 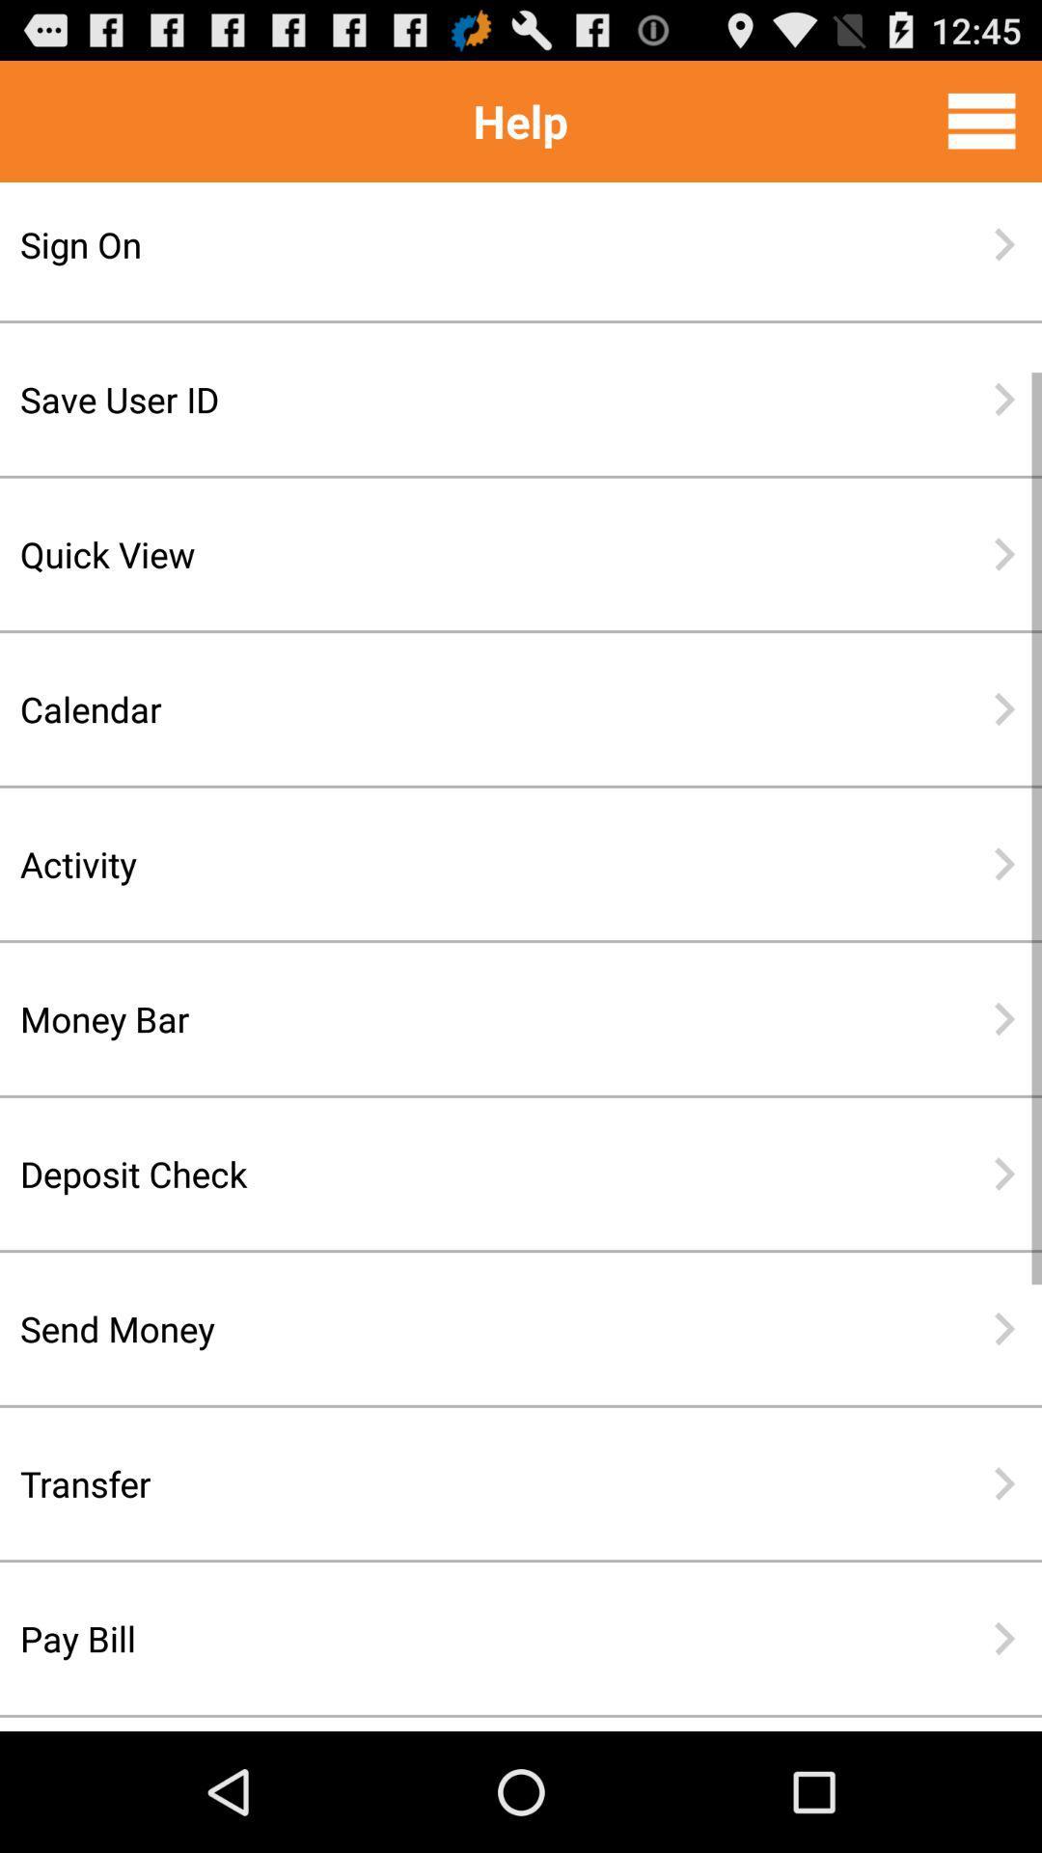 What do you see at coordinates (458, 707) in the screenshot?
I see `item below quick view item` at bounding box center [458, 707].